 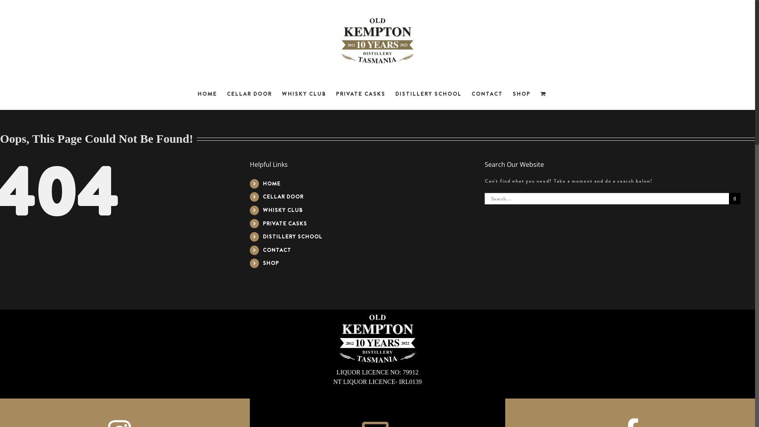 What do you see at coordinates (277, 250) in the screenshot?
I see `'CONTACT'` at bounding box center [277, 250].